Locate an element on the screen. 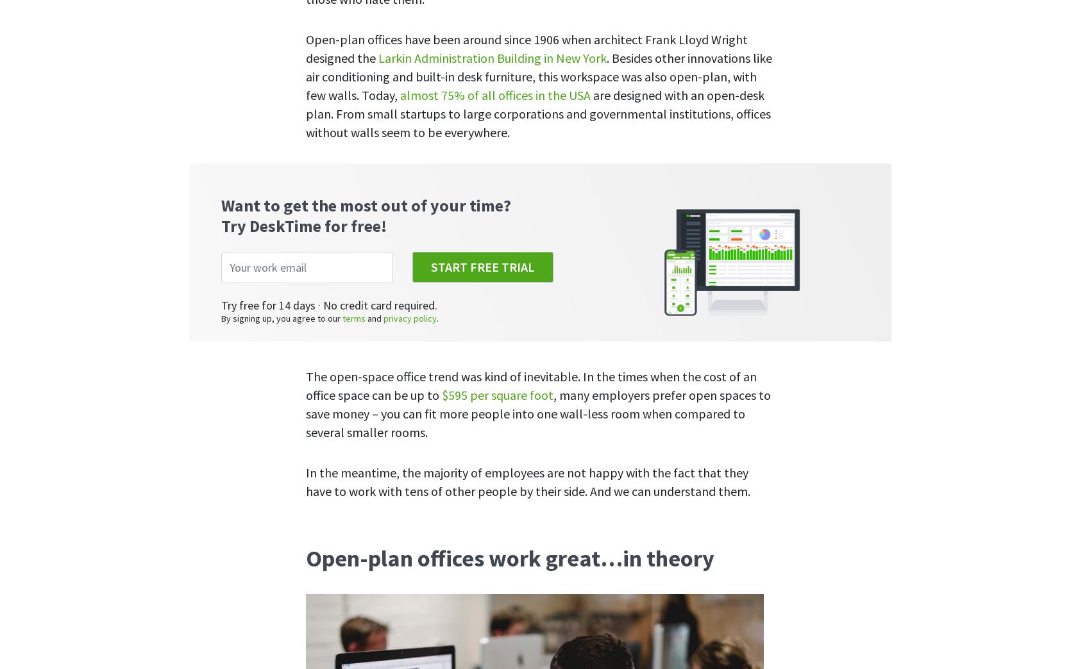 This screenshot has height=669, width=1080. 'All integrations' is located at coordinates (511, 283).